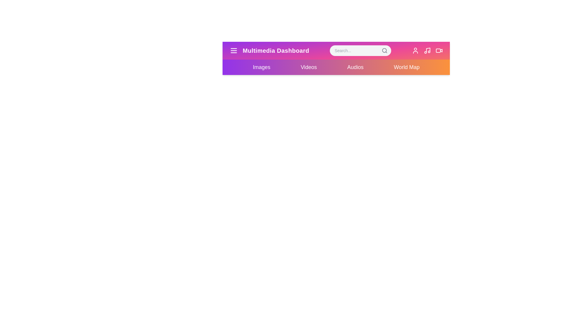 This screenshot has height=320, width=569. Describe the element at coordinates (415, 50) in the screenshot. I see `the user icon to access the user profile` at that location.